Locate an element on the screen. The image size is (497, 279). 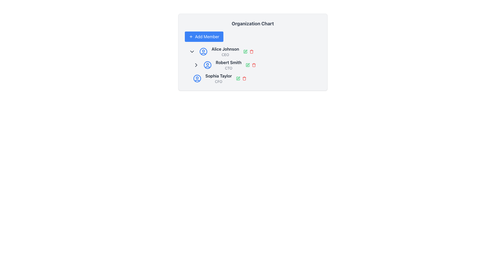
the delete icon associated with 'Sophia Taylor' in the organization chart is located at coordinates (244, 79).